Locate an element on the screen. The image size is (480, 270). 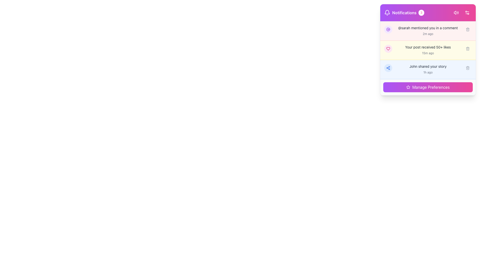
notification text displaying 'Your post received 50+ likes' in a larger font, with '15m ago' in a smaller font below it, which is the second notification in the list is located at coordinates (428, 50).